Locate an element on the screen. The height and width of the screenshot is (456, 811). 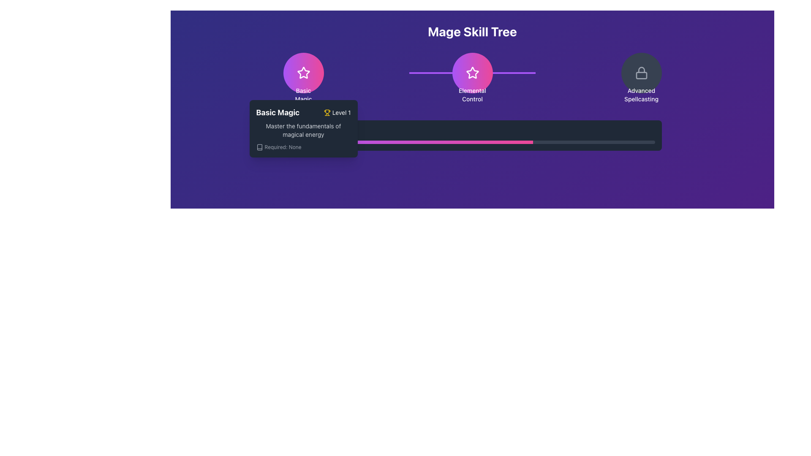
the Text heading that serves as the title for the 'Mage Skill Tree' section, located at the top center of the interface is located at coordinates (472, 31).